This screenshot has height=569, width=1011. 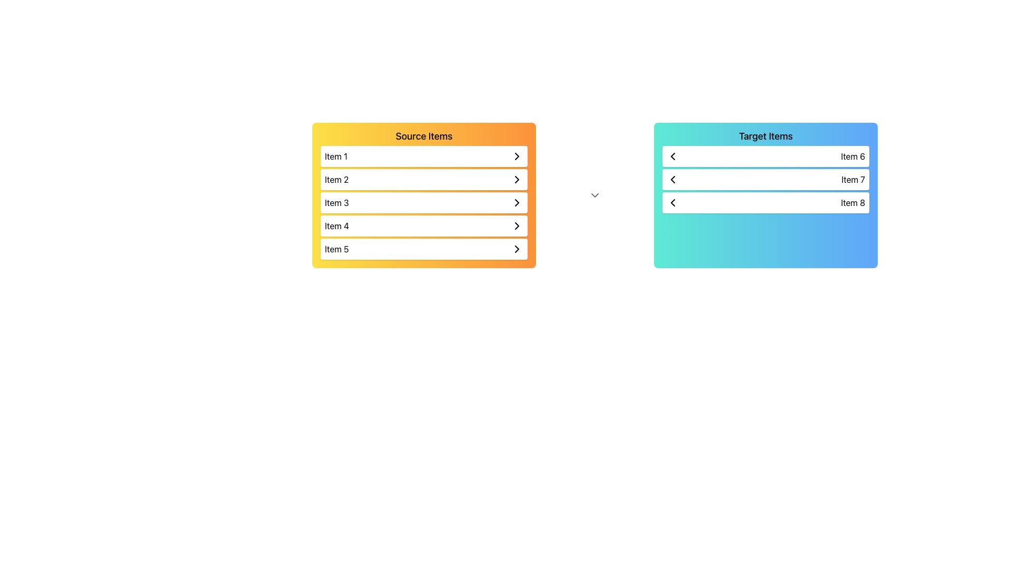 What do you see at coordinates (672, 179) in the screenshot?
I see `the left chevron icon located at the extreme left of the second row (Item 7) in the 'Target Items' list box` at bounding box center [672, 179].